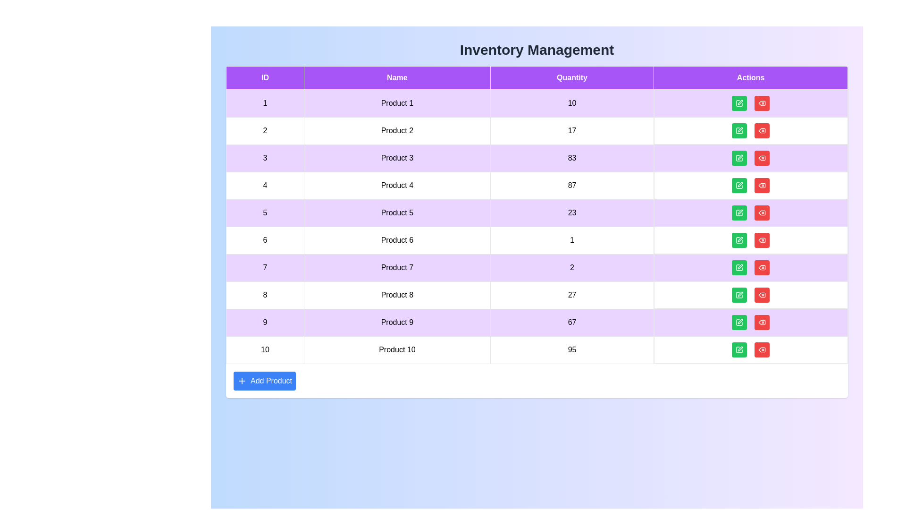 Image resolution: width=906 pixels, height=510 pixels. I want to click on the header of the column Actions to sort the table by that column, so click(750, 77).